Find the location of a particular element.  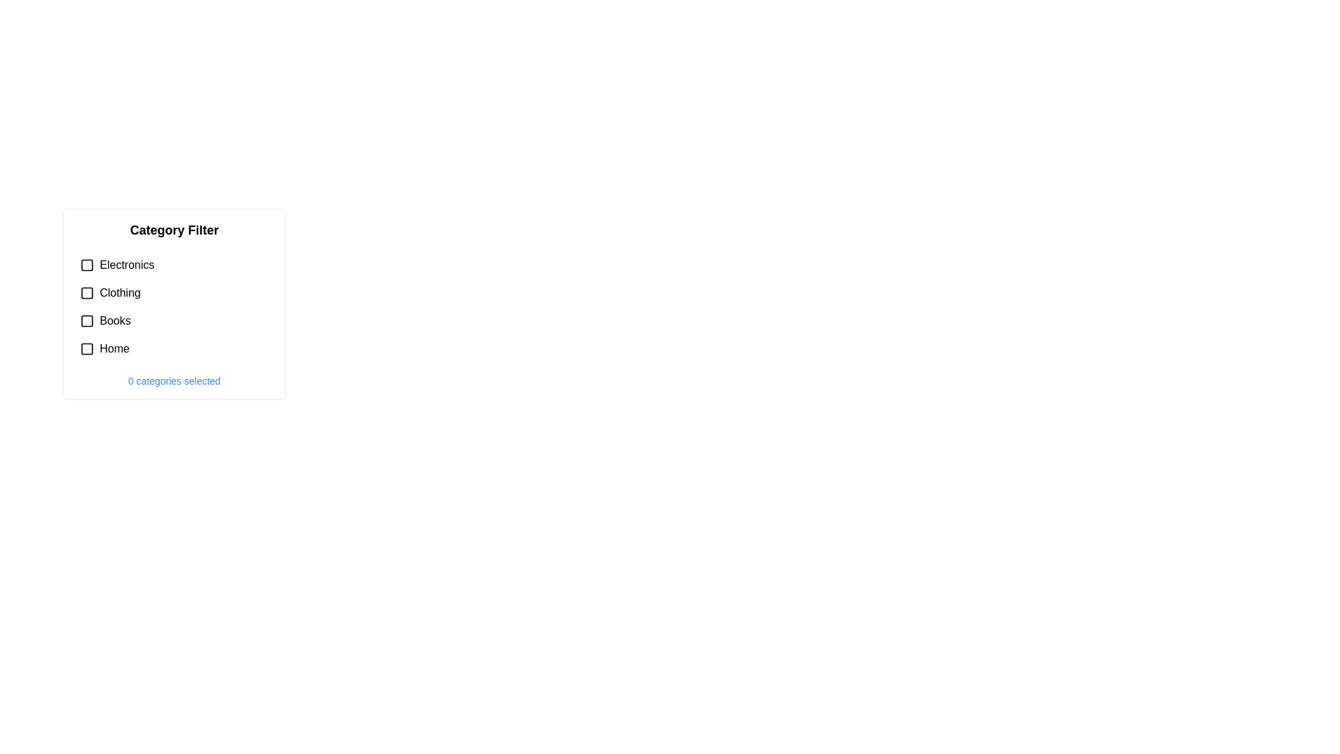

the checkbox associated with the 'Home' category in the category filter interface is located at coordinates (86, 348).